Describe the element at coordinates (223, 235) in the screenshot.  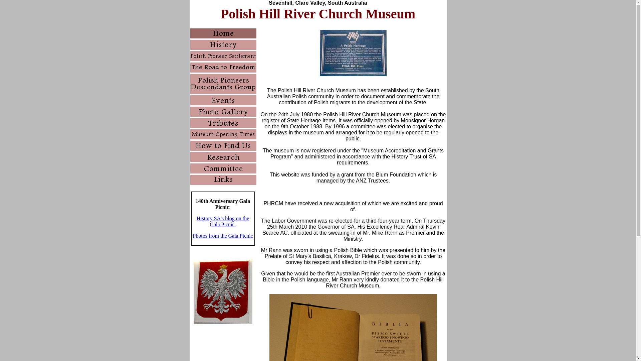
I see `'Photos from the Gala Picnic'` at that location.